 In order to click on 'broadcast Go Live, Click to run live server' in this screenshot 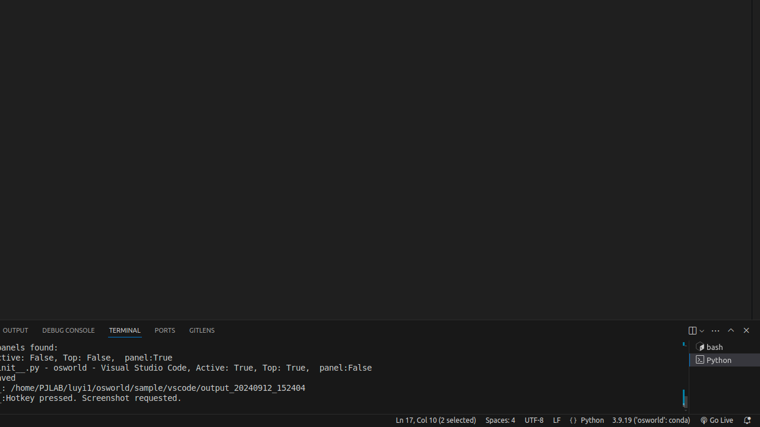, I will do `click(715, 419)`.